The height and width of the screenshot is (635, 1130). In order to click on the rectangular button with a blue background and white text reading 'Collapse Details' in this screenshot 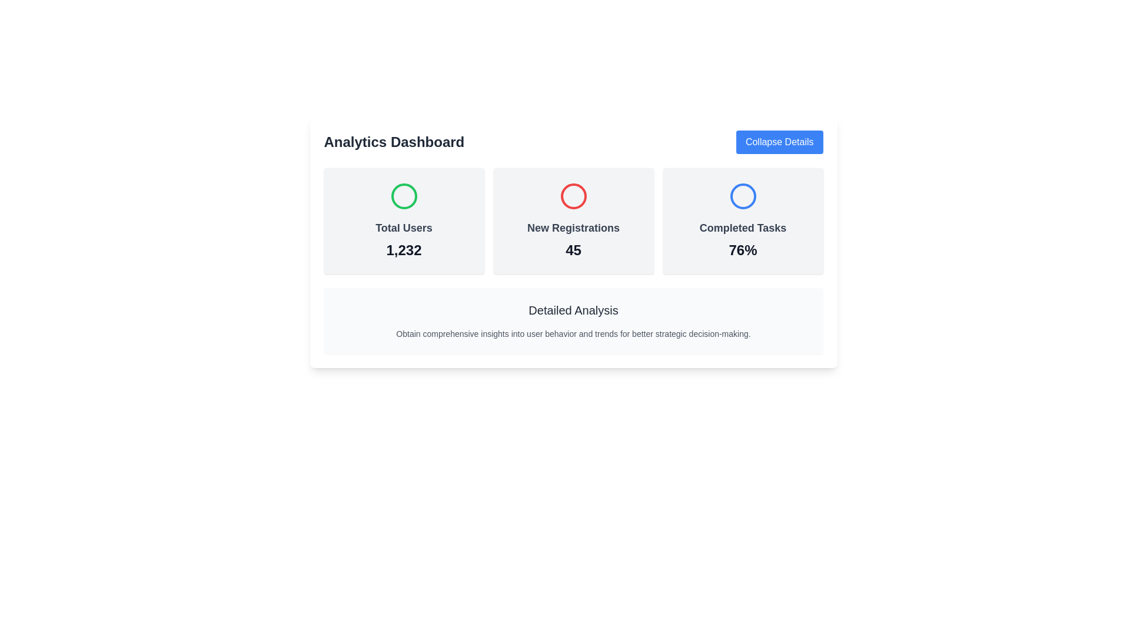, I will do `click(779, 142)`.